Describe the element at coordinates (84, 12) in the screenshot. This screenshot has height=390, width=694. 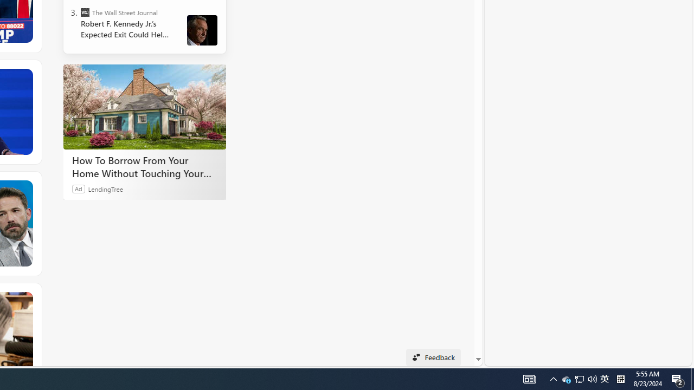
I see `'The Wall Street Journal'` at that location.